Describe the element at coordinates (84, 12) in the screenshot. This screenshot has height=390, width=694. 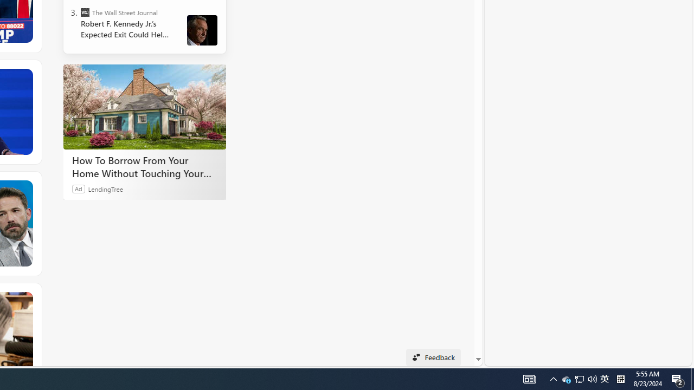
I see `'The Wall Street Journal'` at that location.